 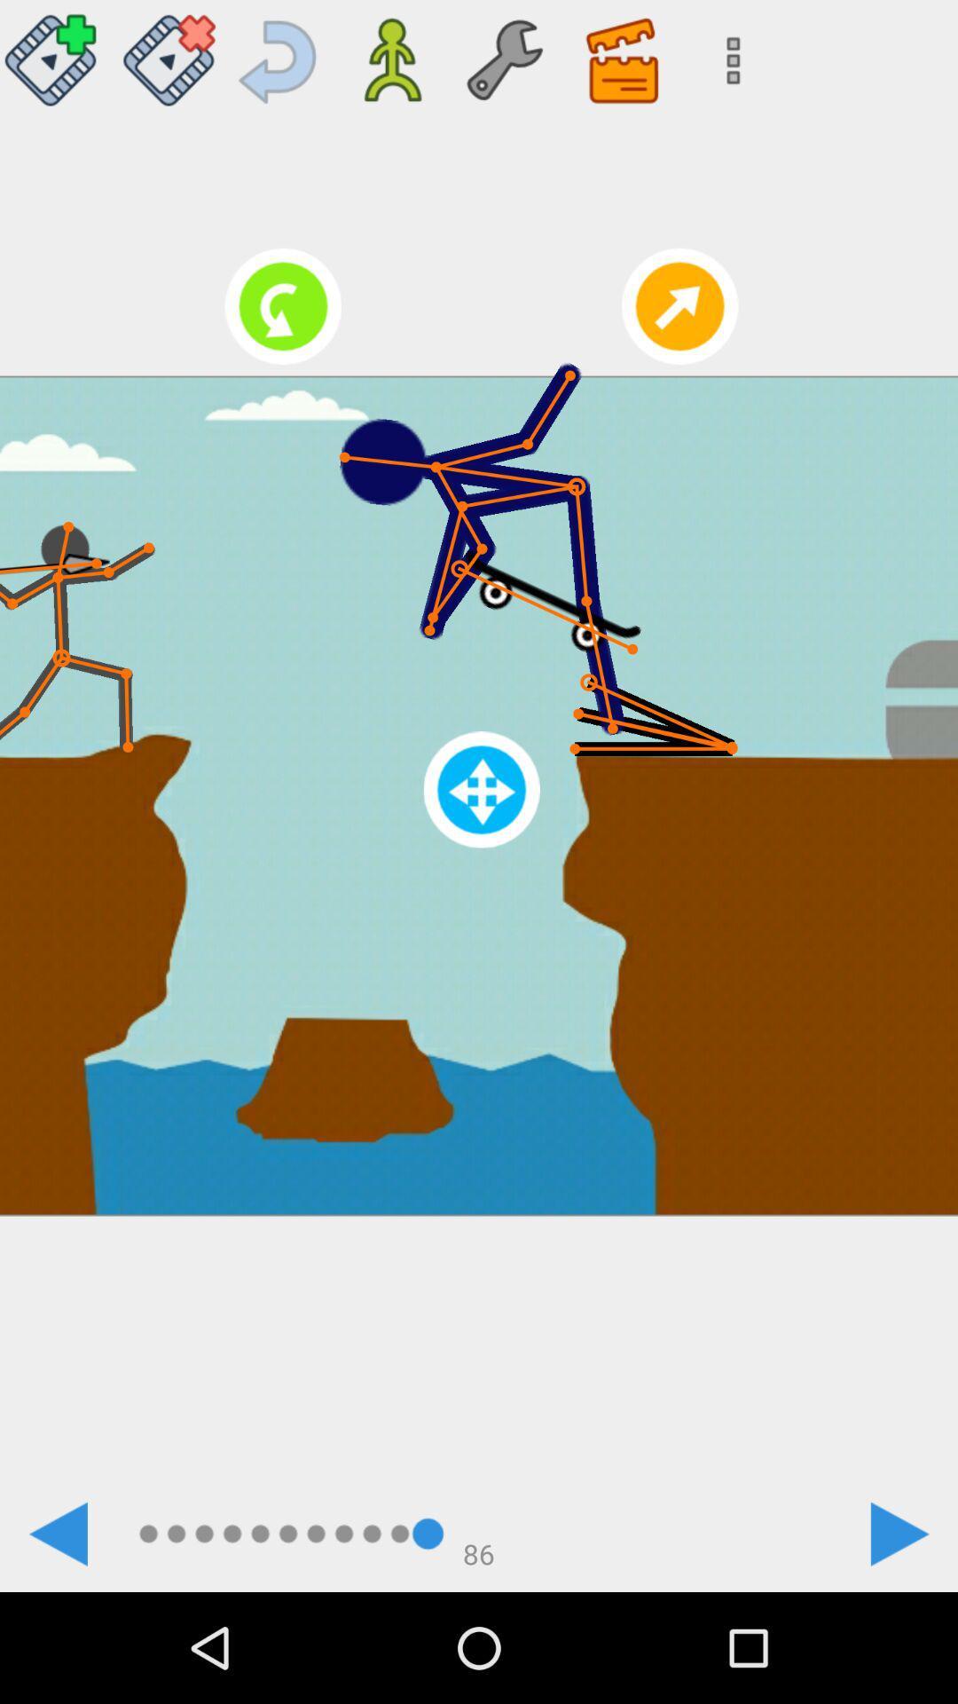 I want to click on remove a video clip, so click(x=169, y=53).